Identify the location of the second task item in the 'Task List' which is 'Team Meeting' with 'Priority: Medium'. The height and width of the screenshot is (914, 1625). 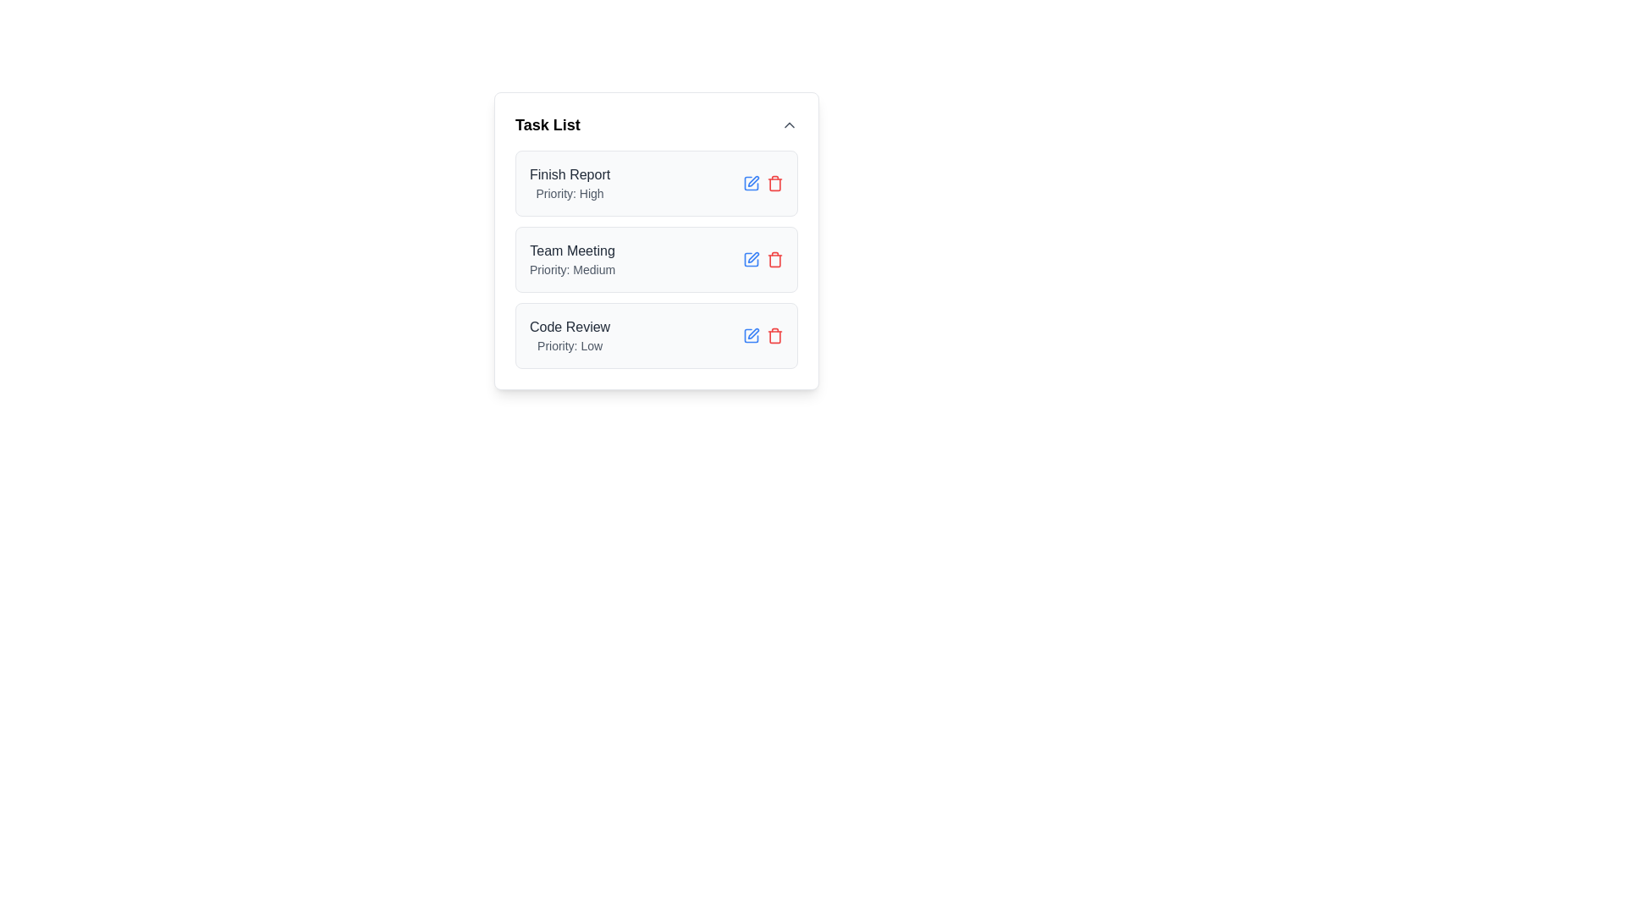
(656, 241).